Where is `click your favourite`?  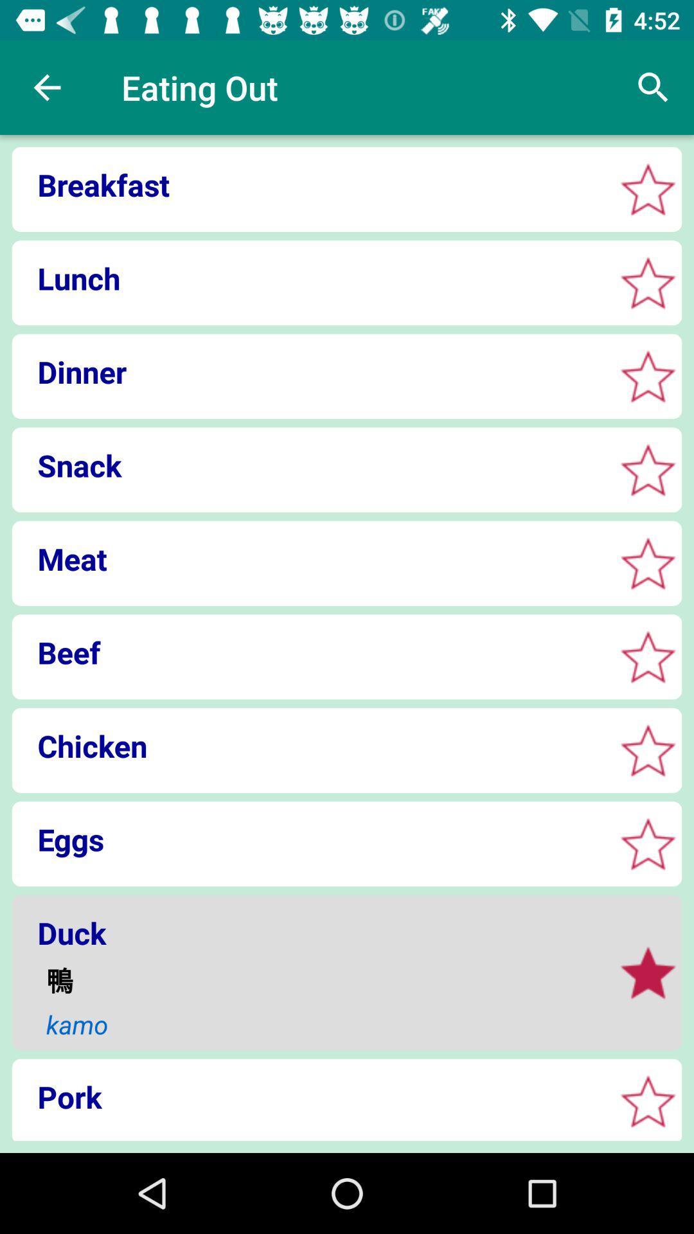
click your favourite is located at coordinates (648, 563).